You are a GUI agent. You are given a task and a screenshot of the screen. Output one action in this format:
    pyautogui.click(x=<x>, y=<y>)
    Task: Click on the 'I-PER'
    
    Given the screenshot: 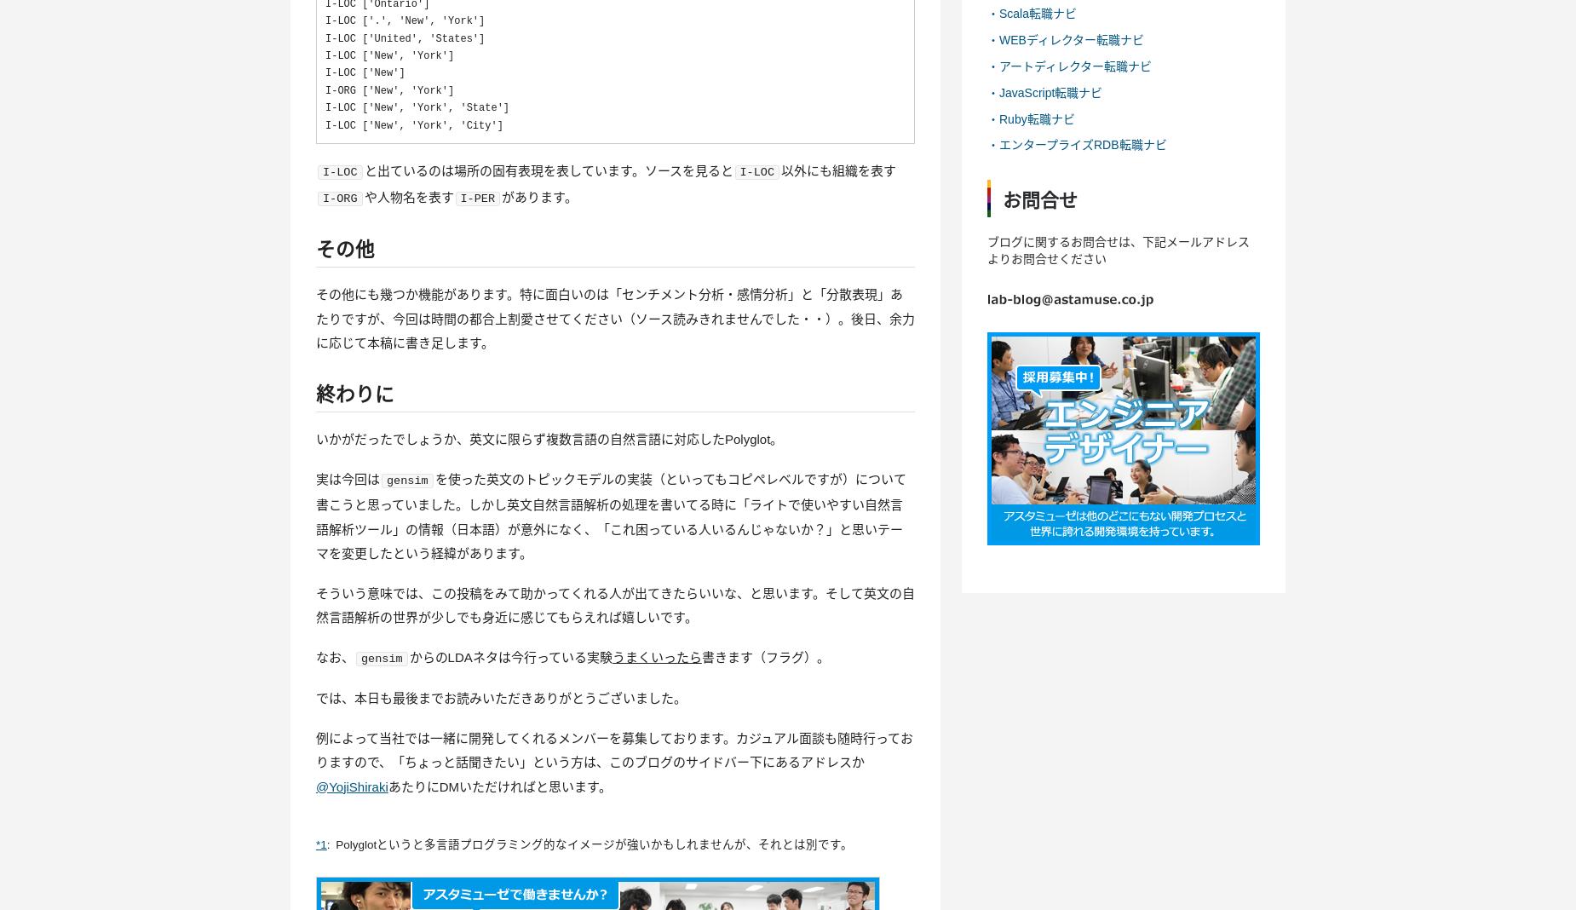 What is the action you would take?
    pyautogui.click(x=477, y=198)
    